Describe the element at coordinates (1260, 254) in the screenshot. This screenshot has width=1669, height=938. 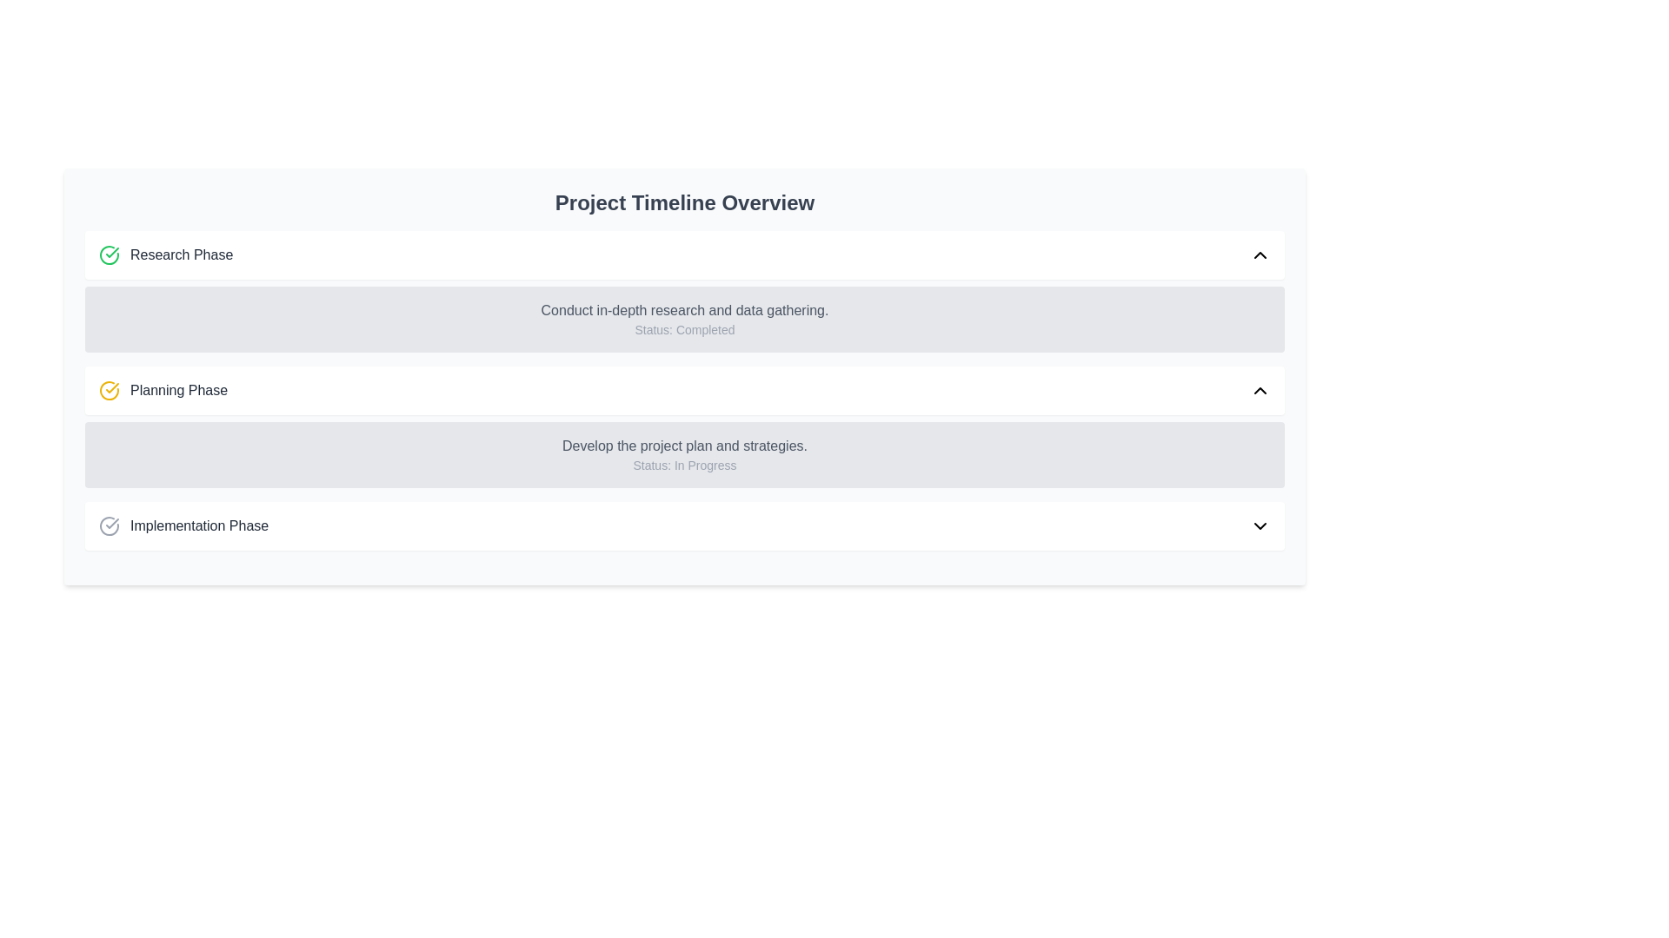
I see `the collapse button icon located at the top-right corner of the 'Research Phase' section` at that location.